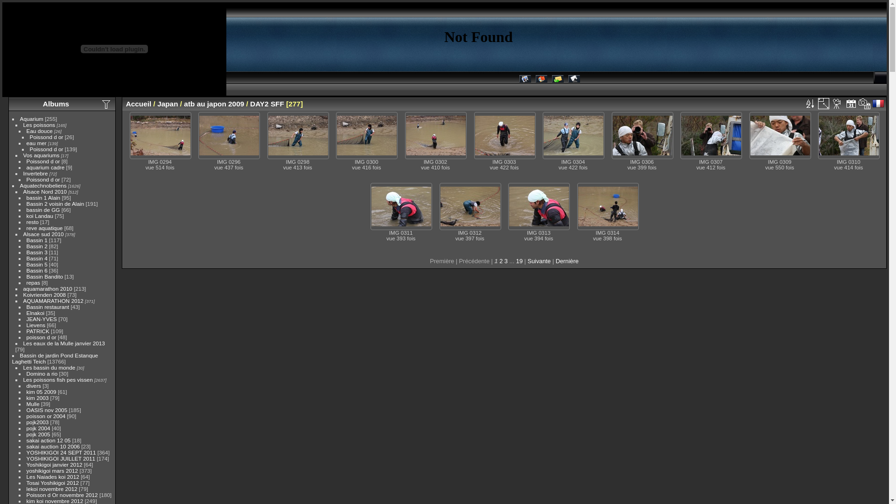  What do you see at coordinates (35, 313) in the screenshot?
I see `'Elnakoi'` at bounding box center [35, 313].